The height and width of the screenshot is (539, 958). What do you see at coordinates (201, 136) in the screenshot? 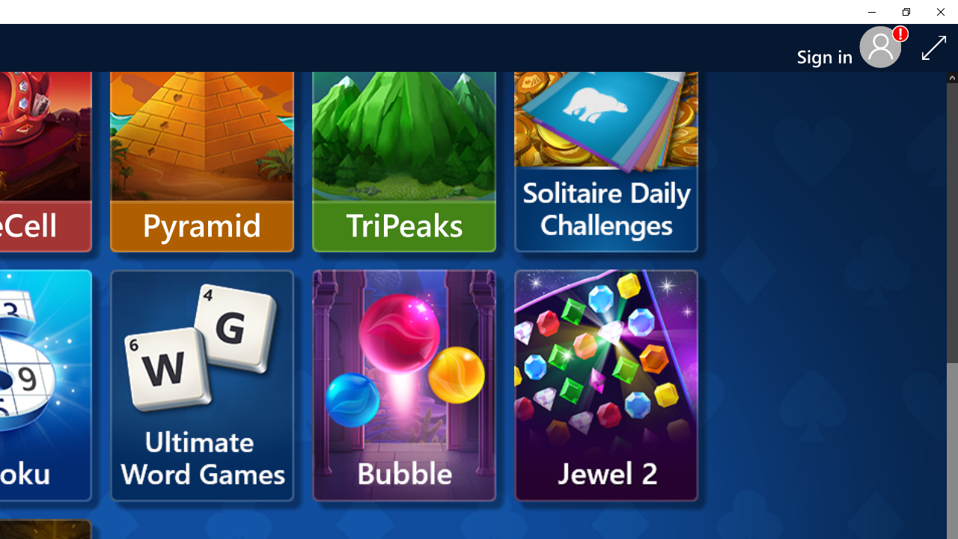
I see `'Pyramid'` at bounding box center [201, 136].